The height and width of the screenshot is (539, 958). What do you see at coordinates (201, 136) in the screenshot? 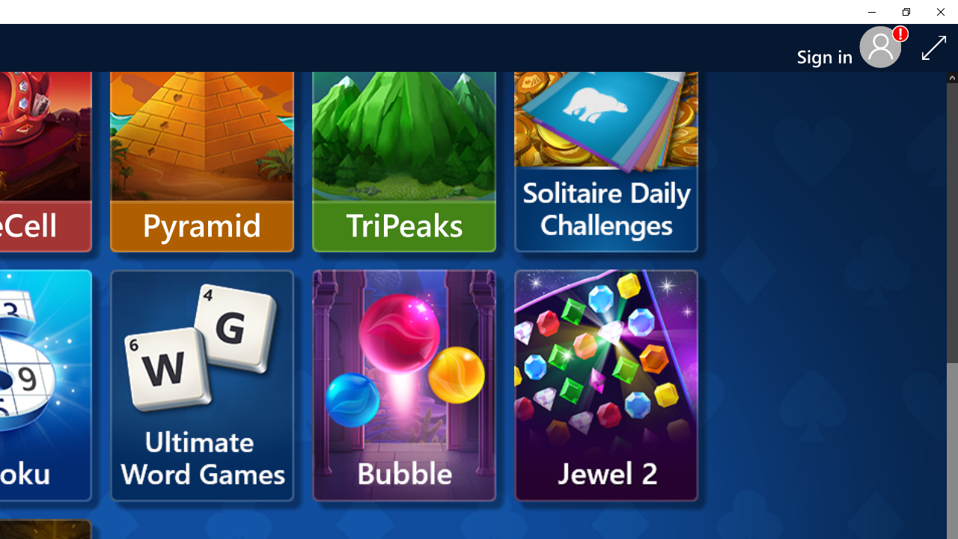
I see `'Pyramid'` at bounding box center [201, 136].